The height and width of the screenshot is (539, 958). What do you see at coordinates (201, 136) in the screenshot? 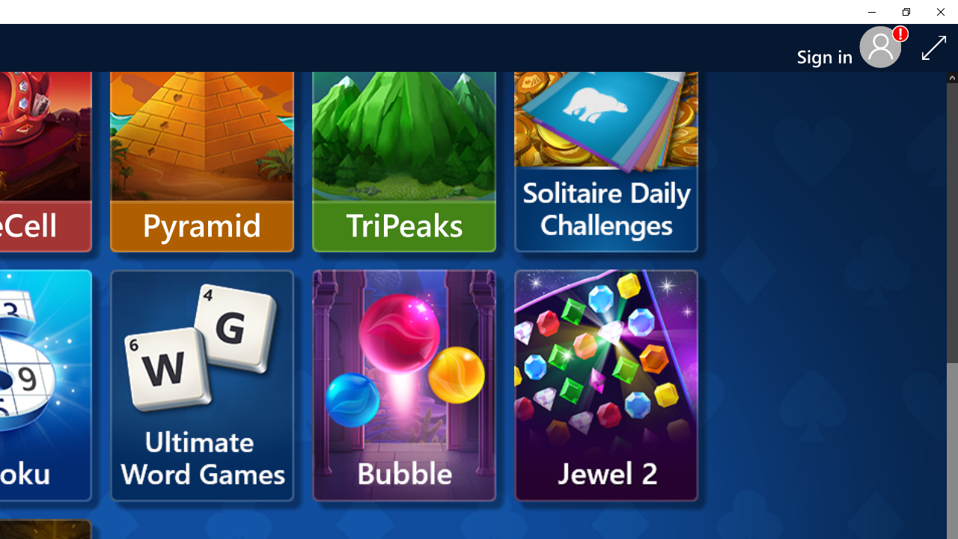
I see `'Pyramid'` at bounding box center [201, 136].